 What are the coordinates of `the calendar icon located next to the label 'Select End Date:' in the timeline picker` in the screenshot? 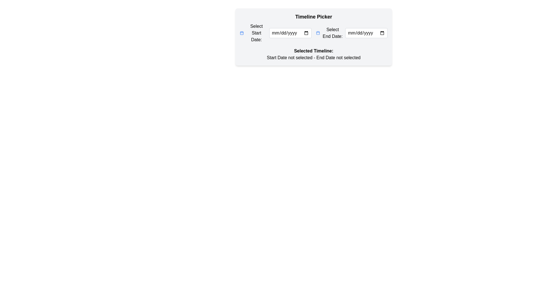 It's located at (317, 33).